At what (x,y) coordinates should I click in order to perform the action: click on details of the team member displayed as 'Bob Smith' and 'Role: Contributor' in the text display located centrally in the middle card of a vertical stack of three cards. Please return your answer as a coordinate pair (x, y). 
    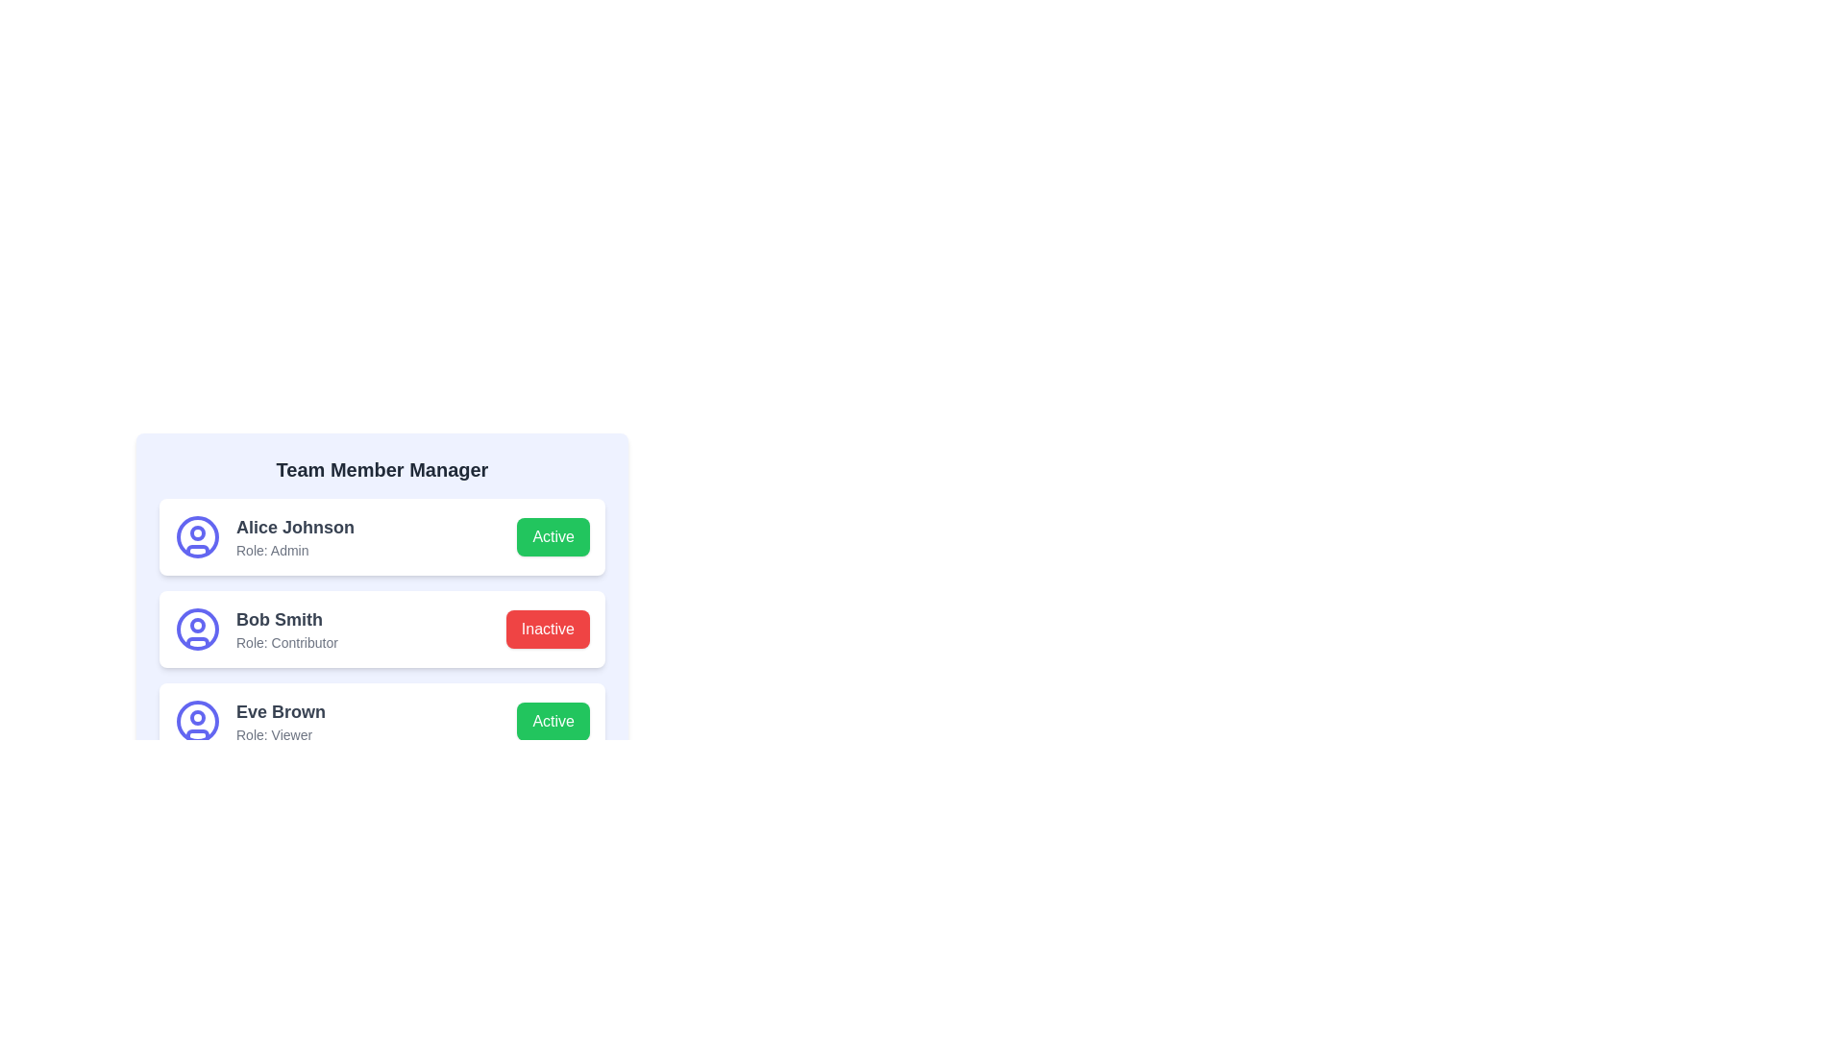
    Looking at the image, I should click on (285, 630).